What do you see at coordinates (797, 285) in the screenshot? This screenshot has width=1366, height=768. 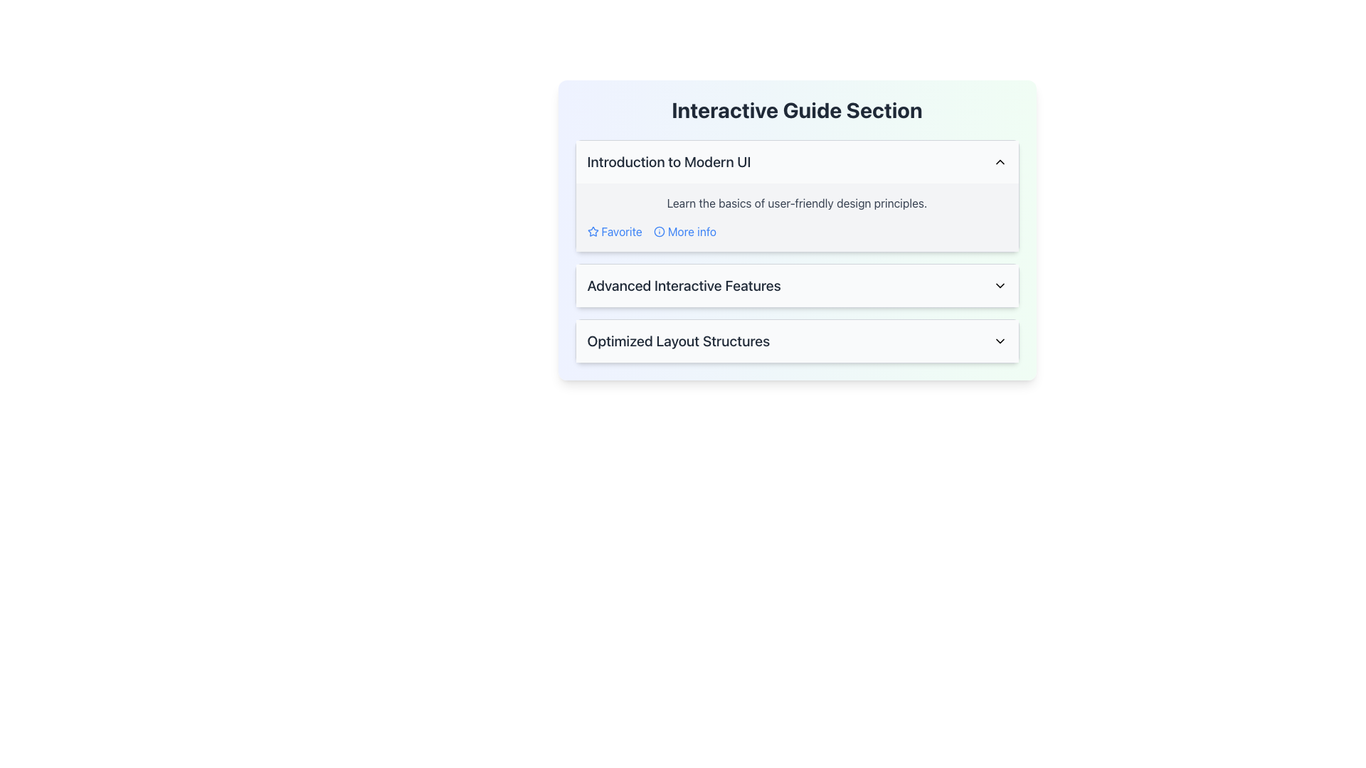 I see `the Collapsible toggle button labeled 'Advanced Interactive Features'` at bounding box center [797, 285].